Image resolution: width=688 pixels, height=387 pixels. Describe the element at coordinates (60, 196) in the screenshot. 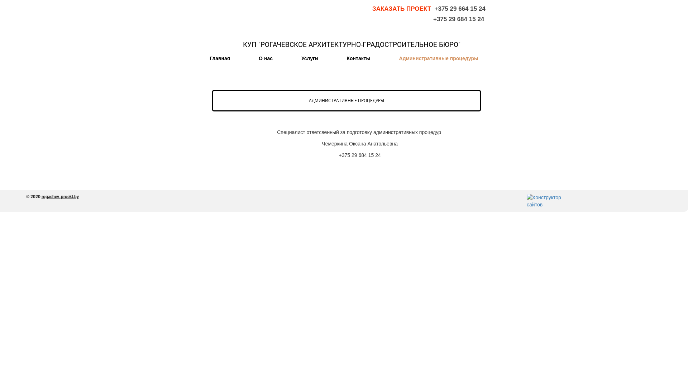

I see `'rogachev-proekt.by'` at that location.